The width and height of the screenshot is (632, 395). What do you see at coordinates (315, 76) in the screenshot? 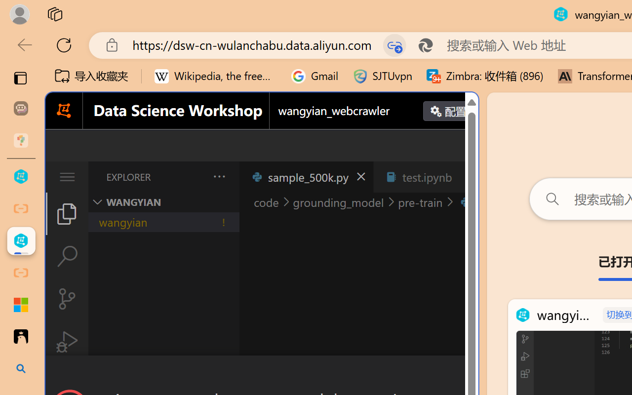
I see `'Gmail'` at bounding box center [315, 76].